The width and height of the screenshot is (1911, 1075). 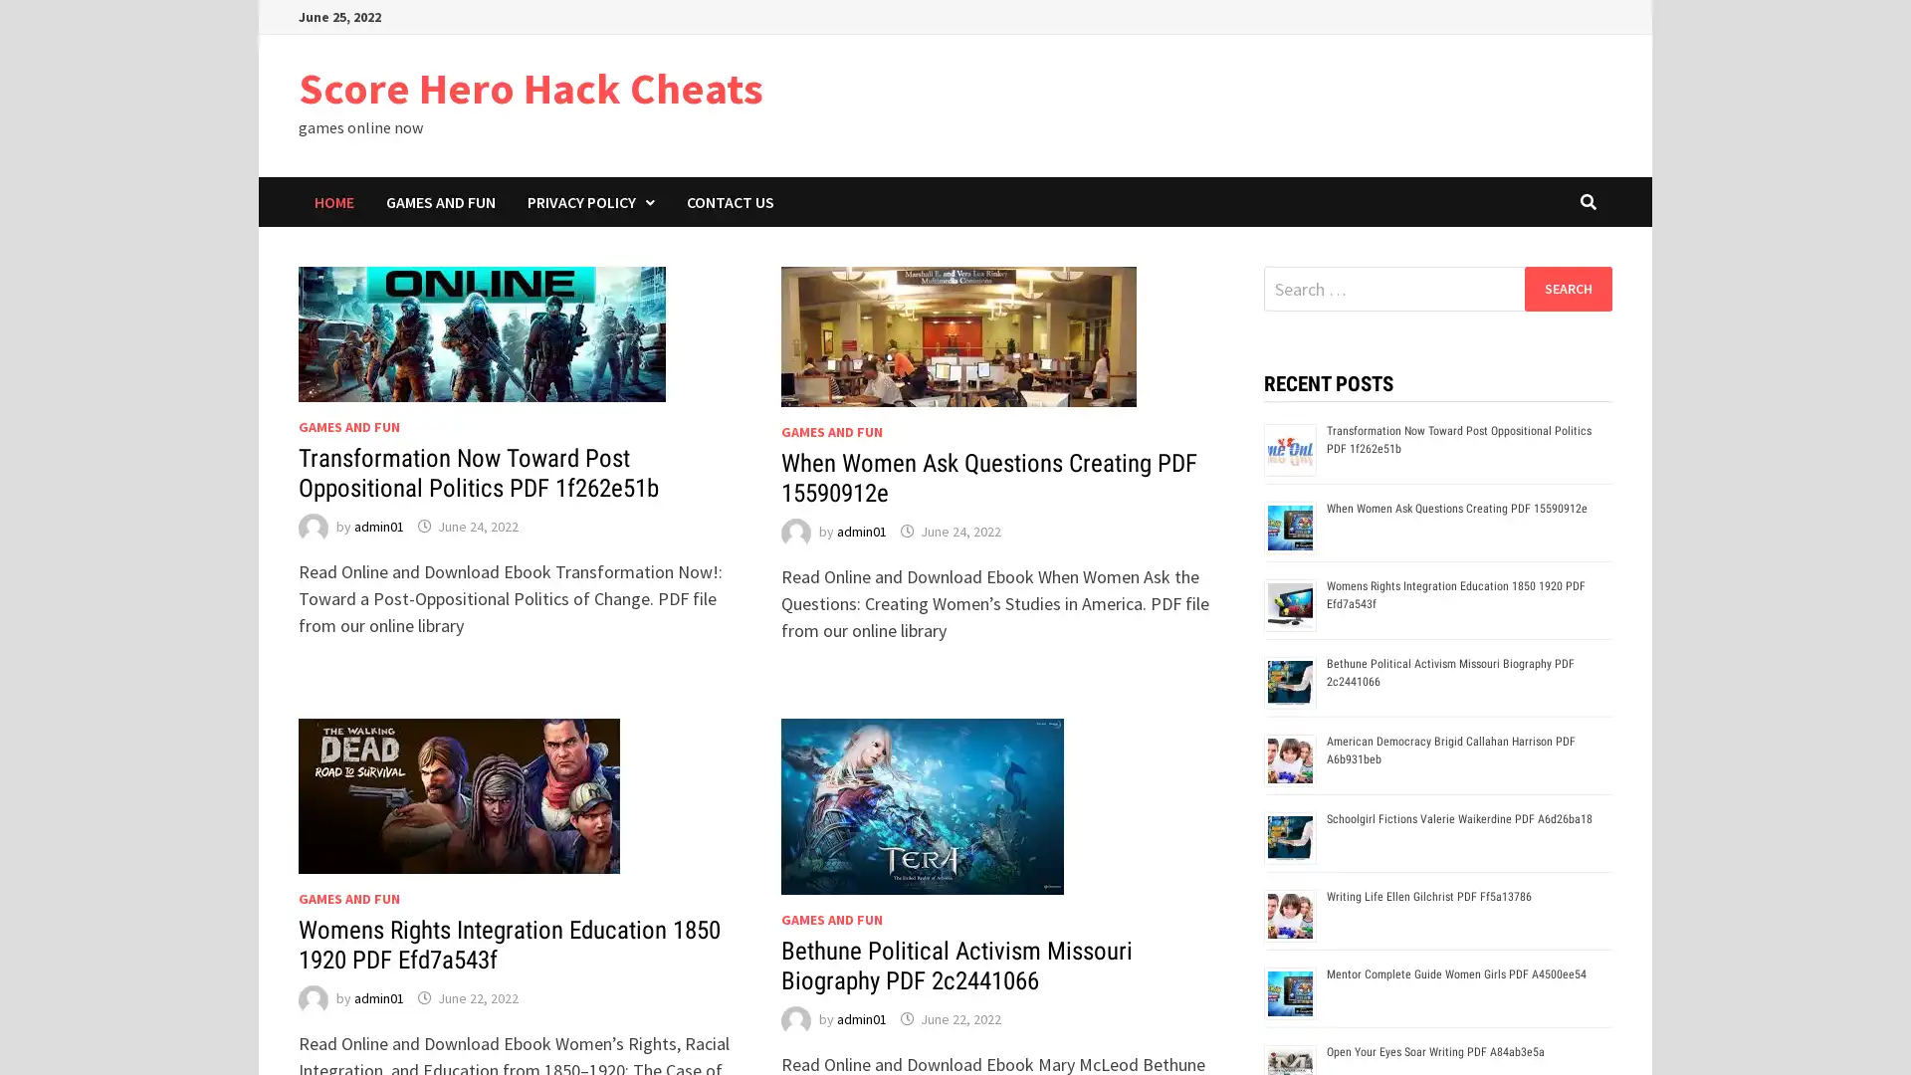 What do you see at coordinates (1567, 288) in the screenshot?
I see `Search` at bounding box center [1567, 288].